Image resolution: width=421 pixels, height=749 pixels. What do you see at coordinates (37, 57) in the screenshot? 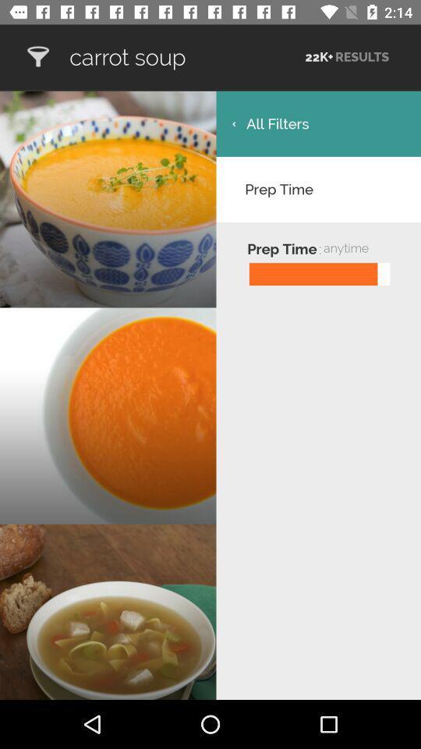
I see `apply filter` at bounding box center [37, 57].